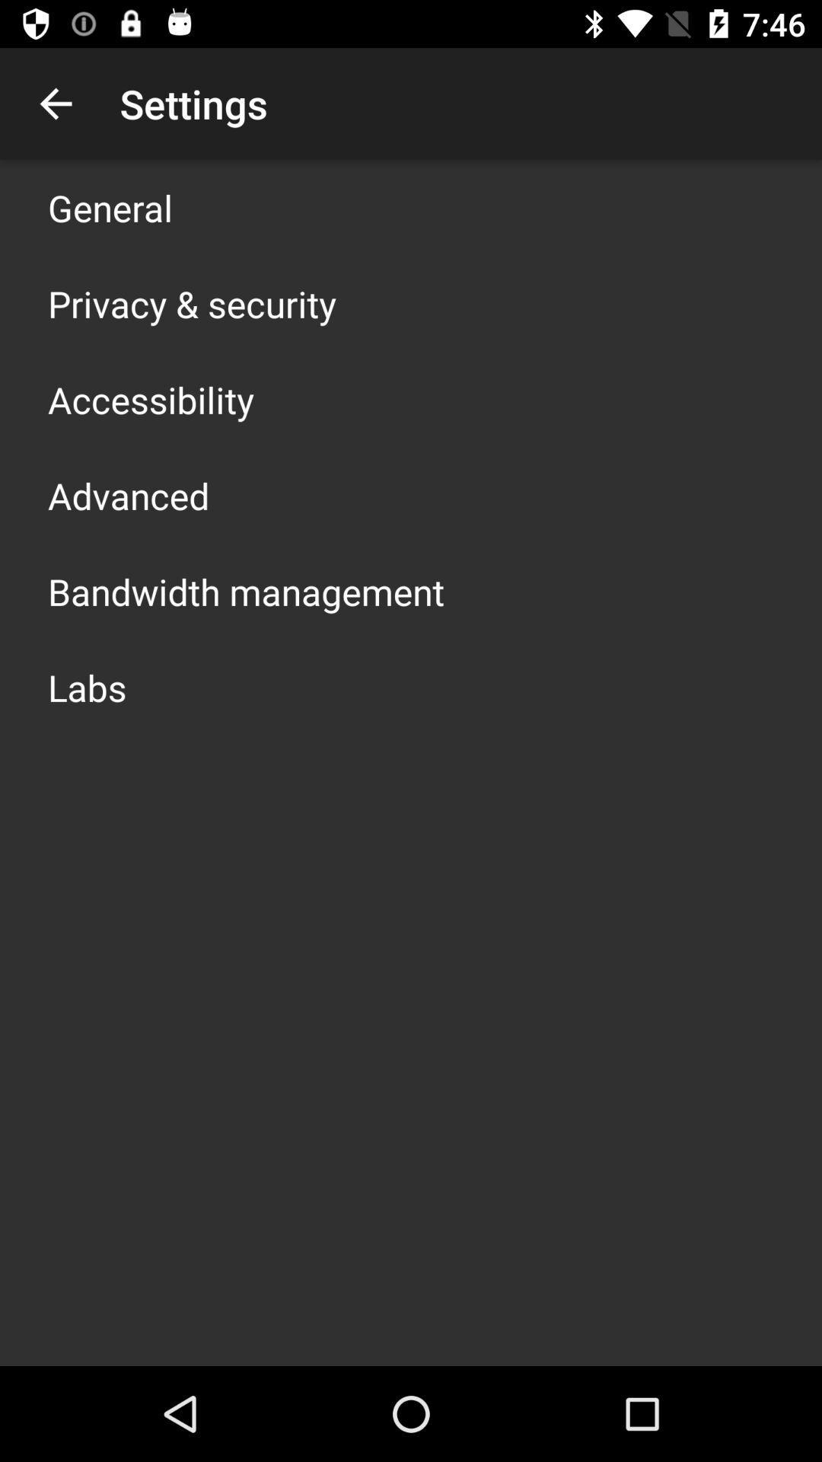  What do you see at coordinates (191, 303) in the screenshot?
I see `the item below general` at bounding box center [191, 303].